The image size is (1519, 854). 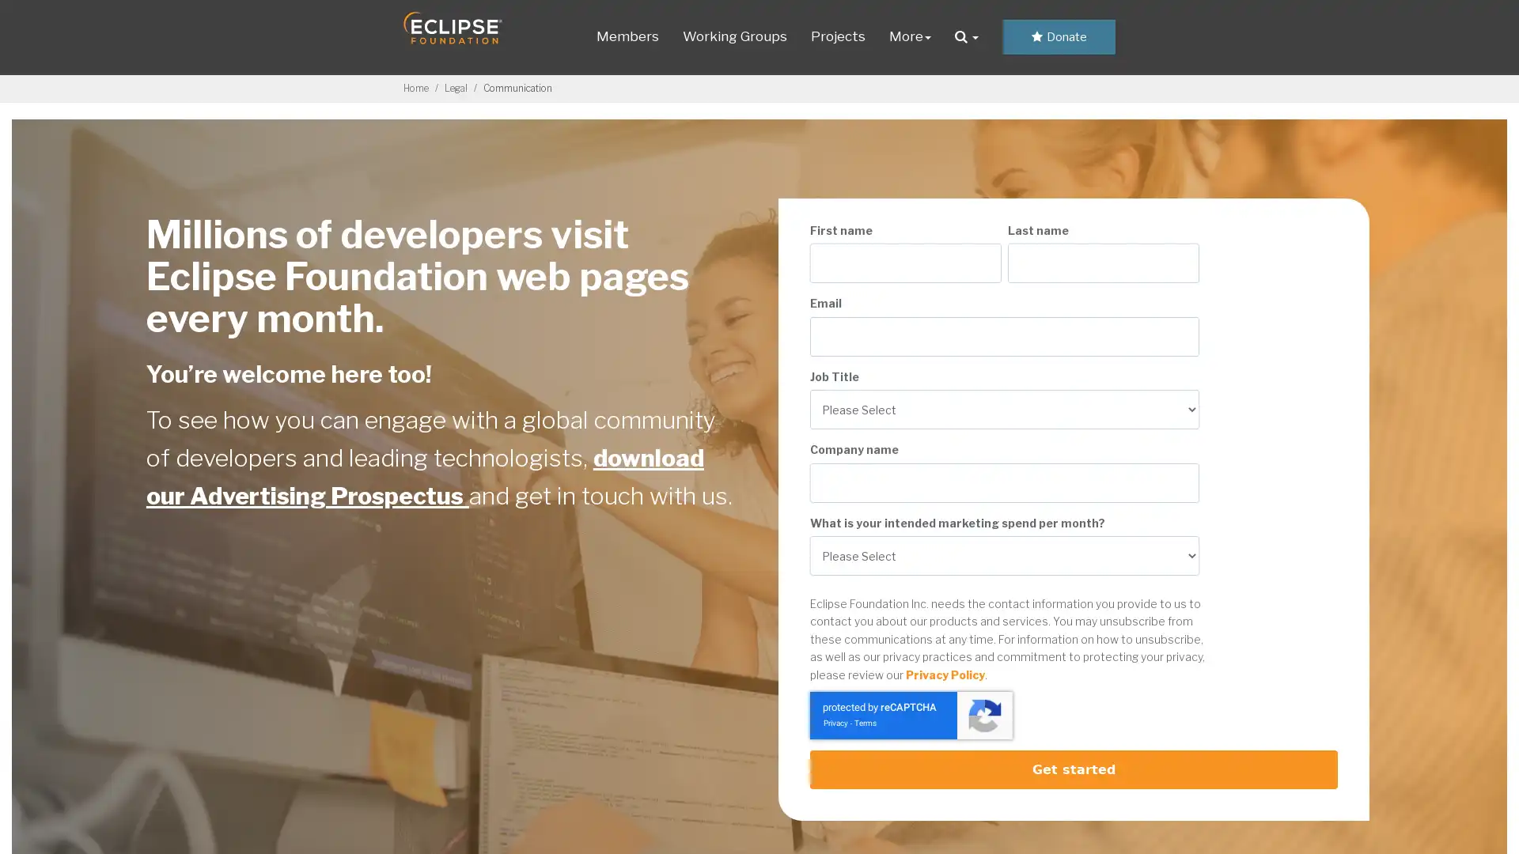 What do you see at coordinates (909, 36) in the screenshot?
I see `More` at bounding box center [909, 36].